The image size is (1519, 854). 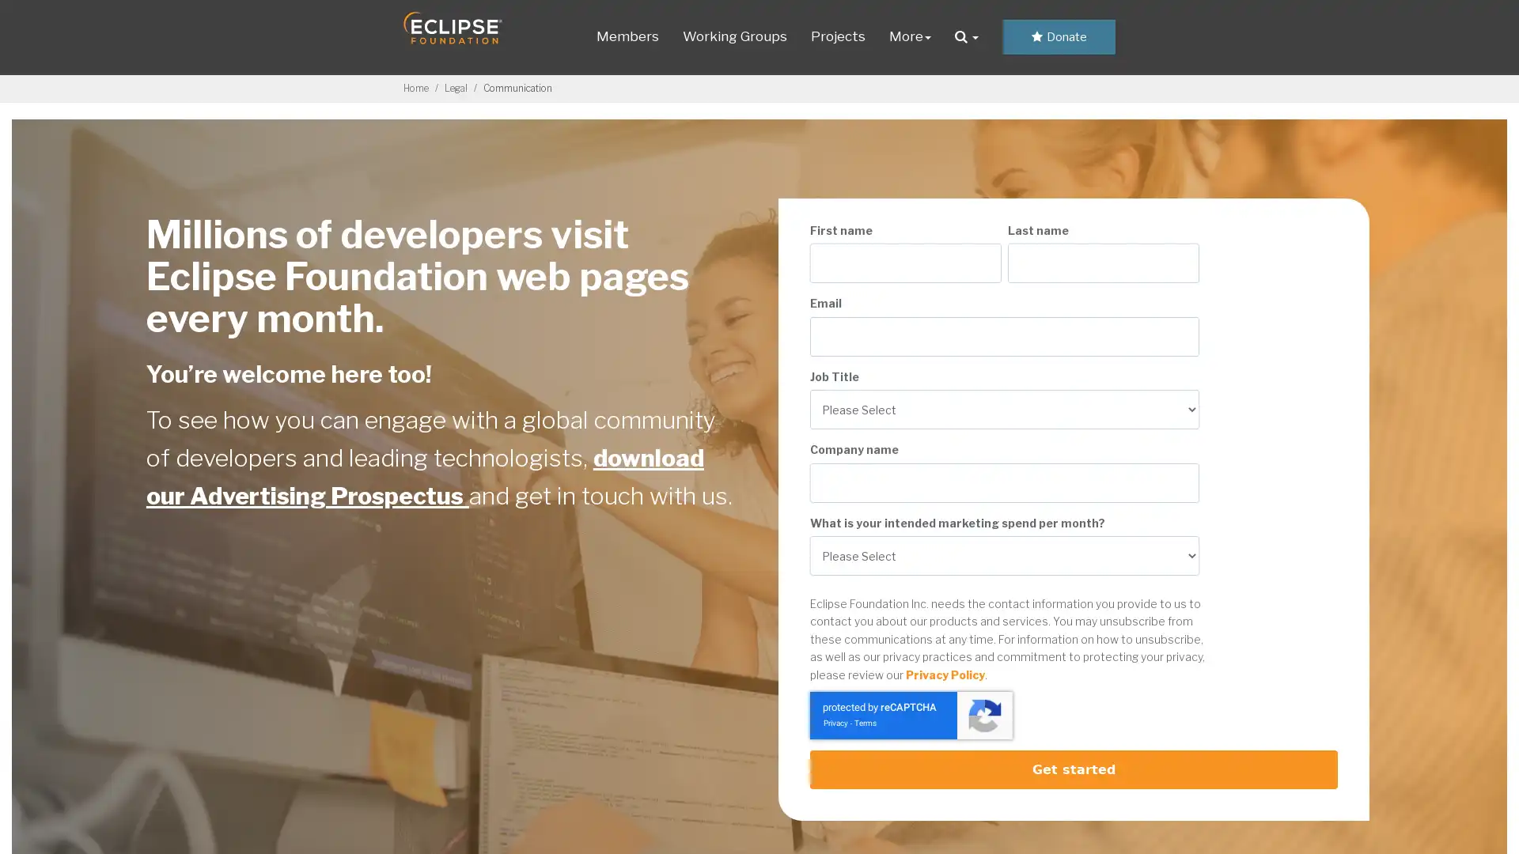 What do you see at coordinates (909, 36) in the screenshot?
I see `More` at bounding box center [909, 36].